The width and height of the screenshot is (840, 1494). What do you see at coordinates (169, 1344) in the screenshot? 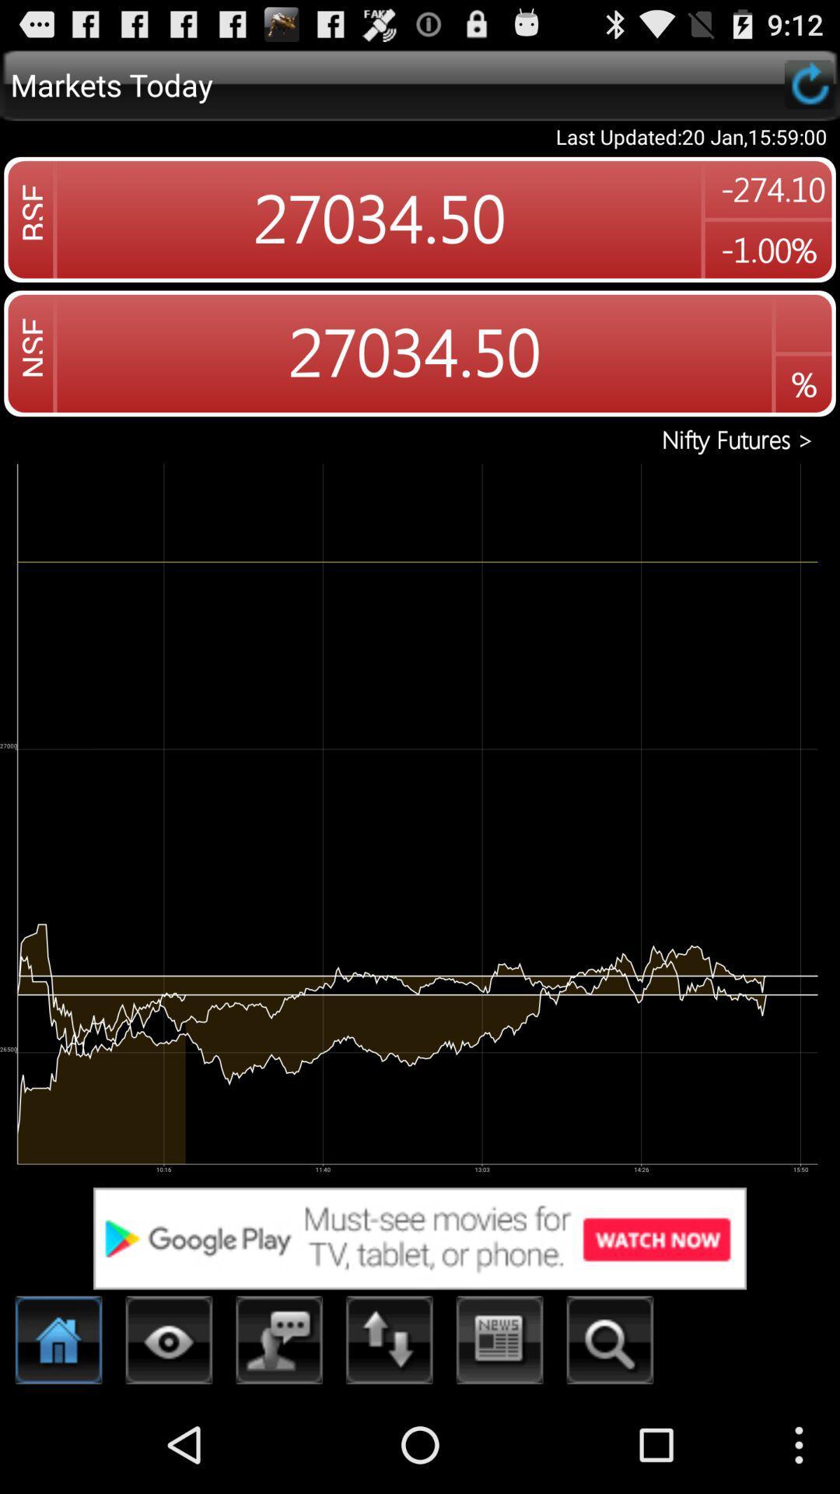
I see `change view` at bounding box center [169, 1344].